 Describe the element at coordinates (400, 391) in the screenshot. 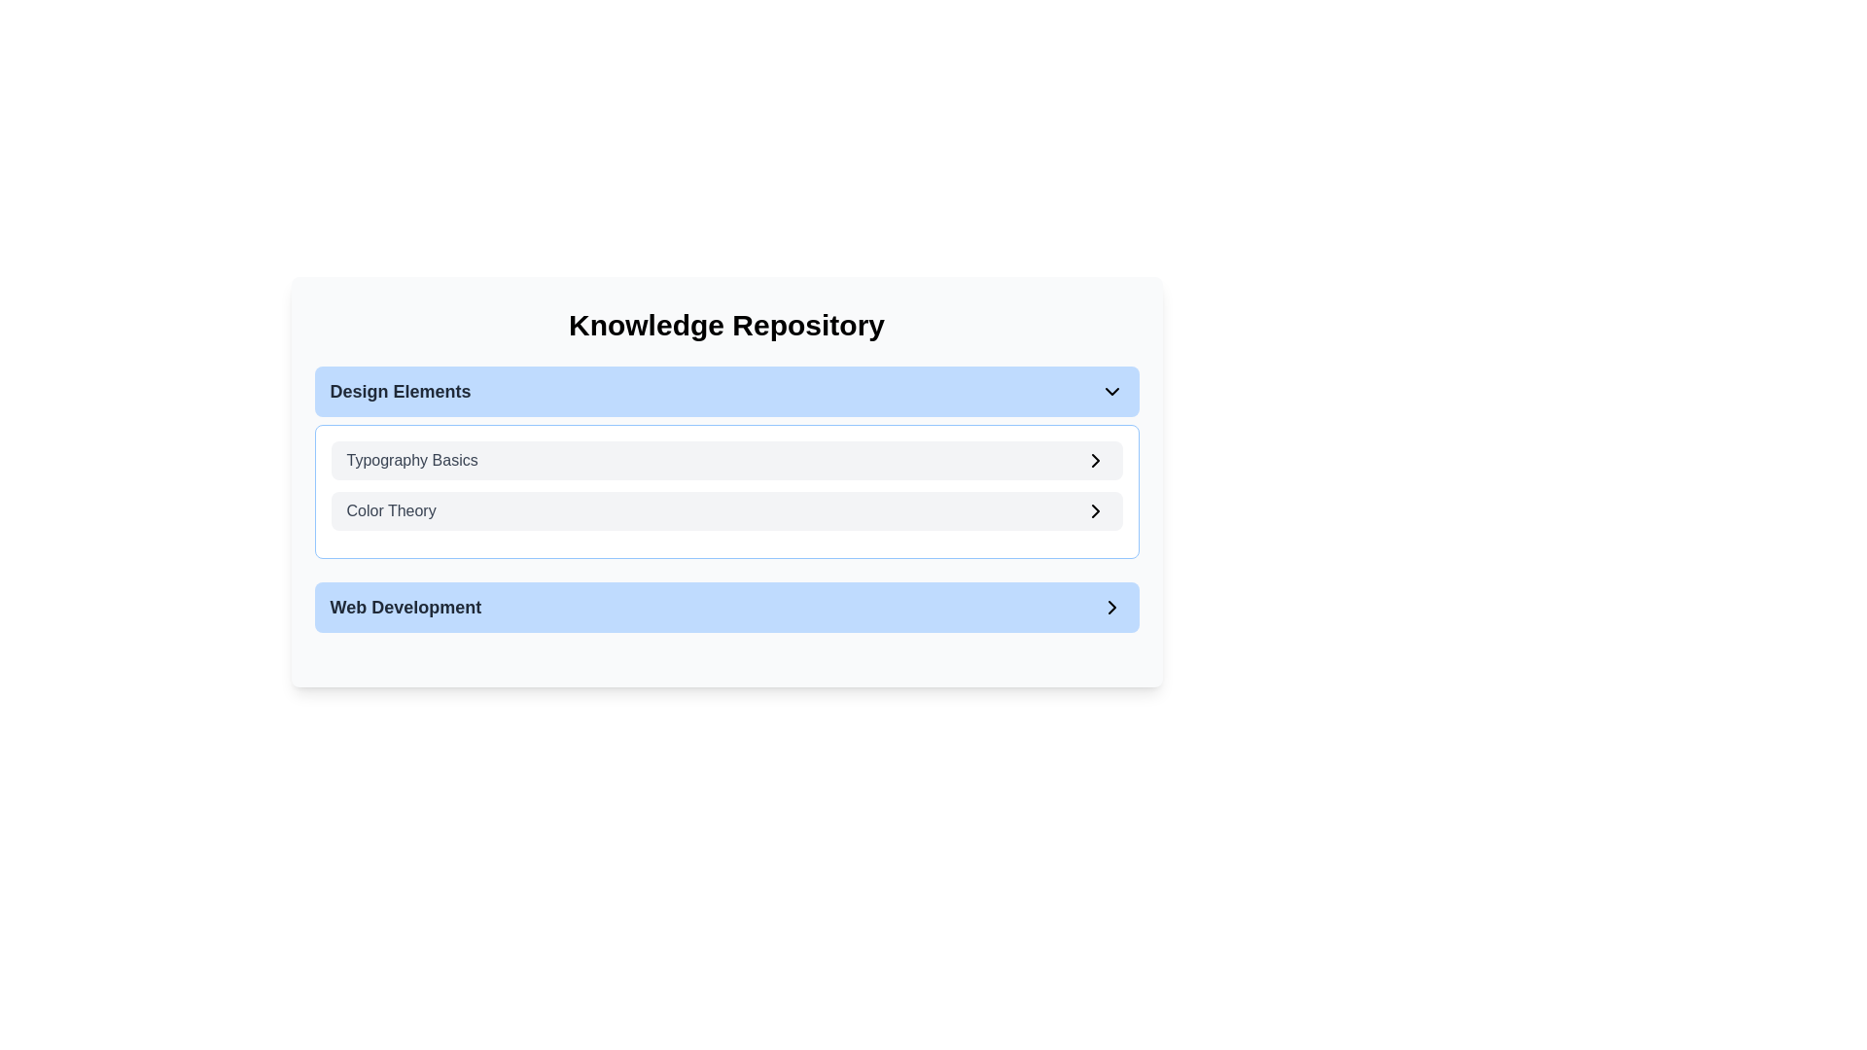

I see `the 'Design Elements' text label, which is styled in a large, bold font with a gray color and is located on the left side of its blue, rounded background section` at that location.